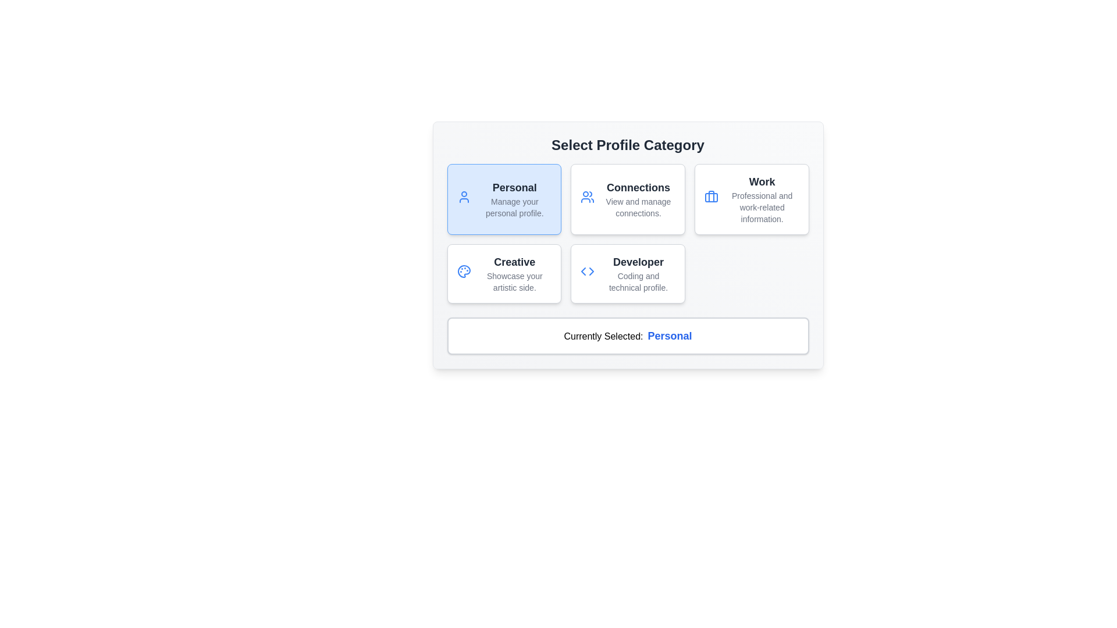 This screenshot has height=628, width=1117. What do you see at coordinates (514, 207) in the screenshot?
I see `the static text label that provides a brief description of the 'Personal' card located within the 'Select Profile Category' section, positioned directly below the title 'Personal'` at bounding box center [514, 207].